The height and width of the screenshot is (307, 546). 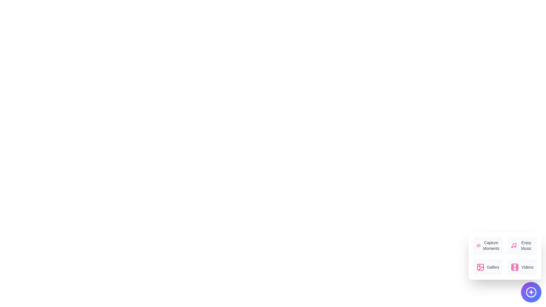 What do you see at coordinates (522, 245) in the screenshot?
I see `the Enjoy Music from the speed dial menu` at bounding box center [522, 245].